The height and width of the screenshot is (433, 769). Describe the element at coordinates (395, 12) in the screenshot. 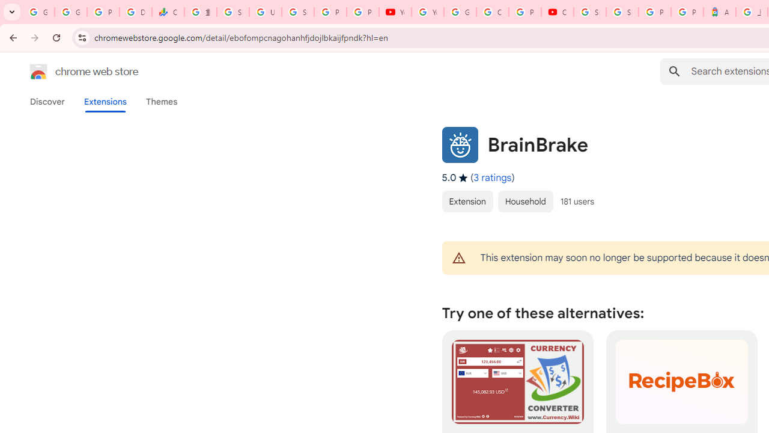

I see `'YouTube'` at that location.